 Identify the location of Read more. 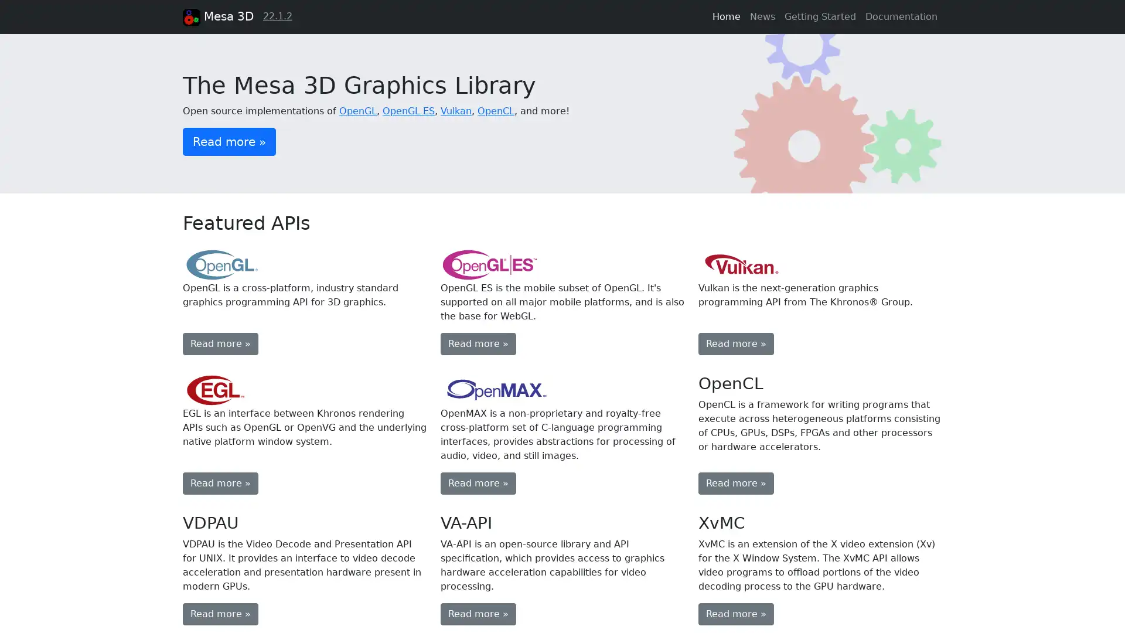
(478, 343).